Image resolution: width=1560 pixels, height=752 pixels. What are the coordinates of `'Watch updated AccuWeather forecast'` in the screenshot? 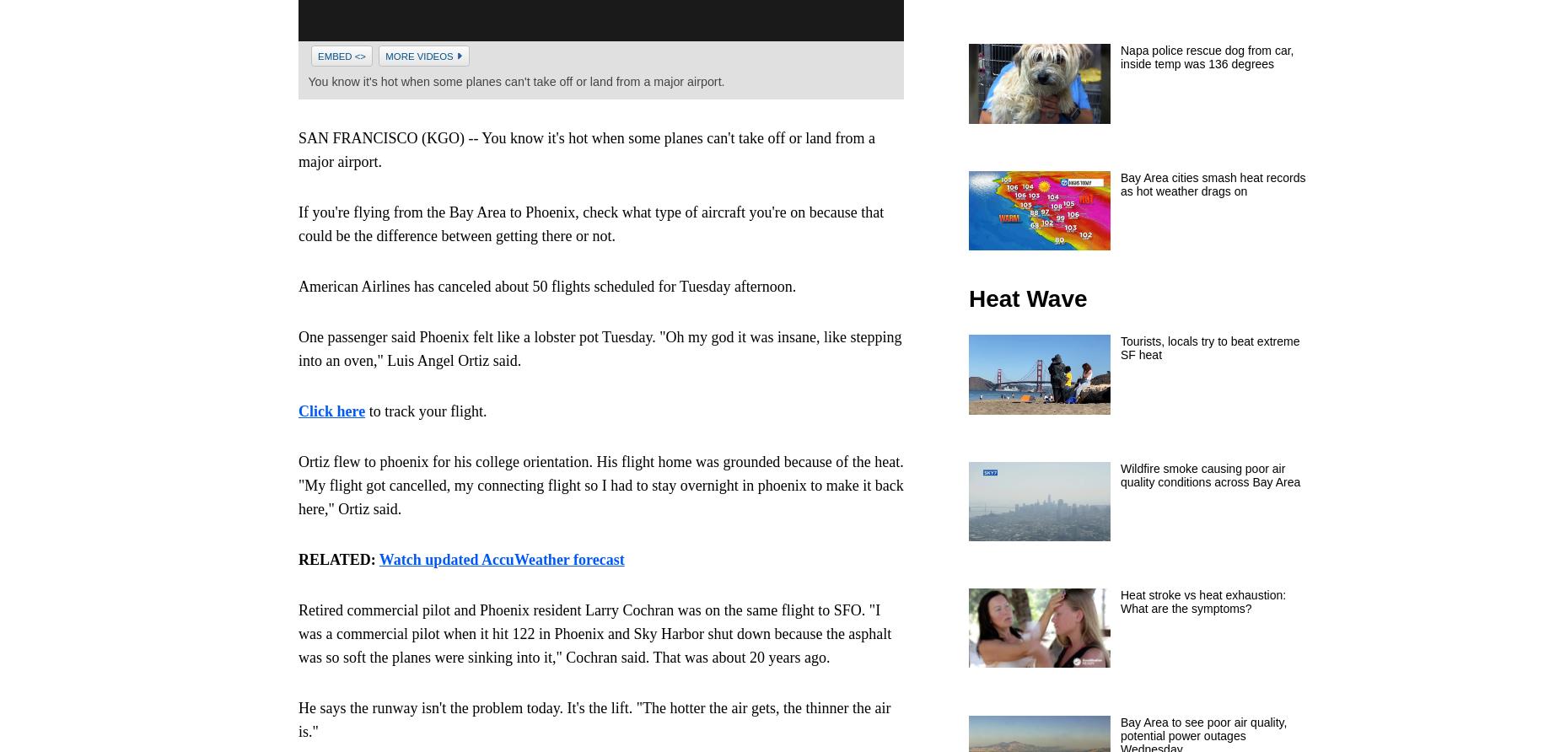 It's located at (377, 559).